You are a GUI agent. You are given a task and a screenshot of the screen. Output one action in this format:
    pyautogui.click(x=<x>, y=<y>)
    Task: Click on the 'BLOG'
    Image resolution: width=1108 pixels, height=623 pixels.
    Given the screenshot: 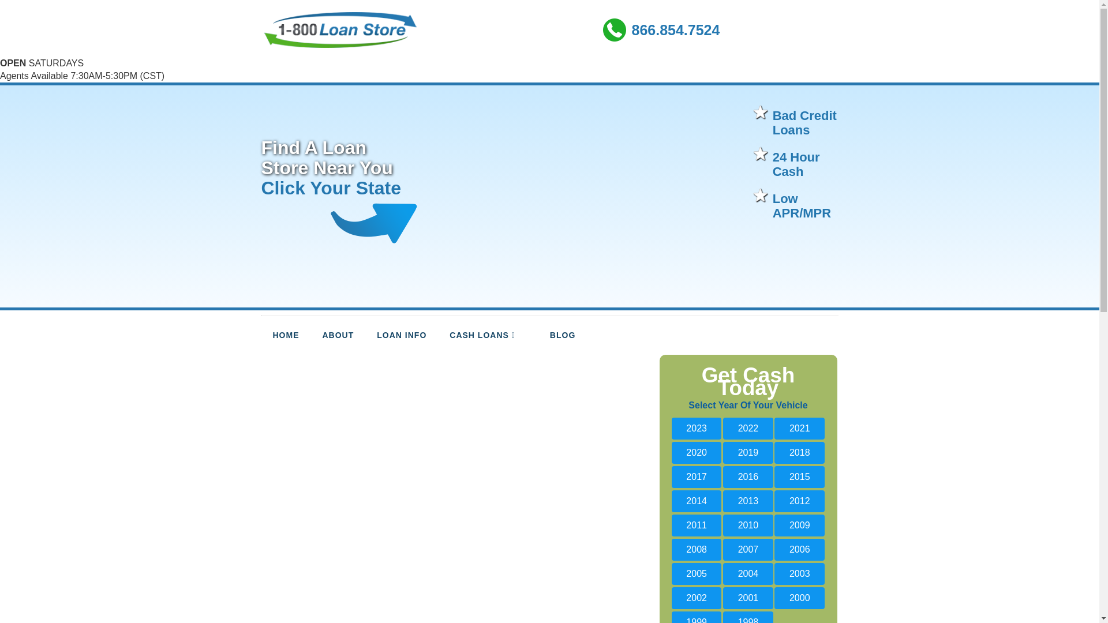 What is the action you would take?
    pyautogui.click(x=562, y=335)
    